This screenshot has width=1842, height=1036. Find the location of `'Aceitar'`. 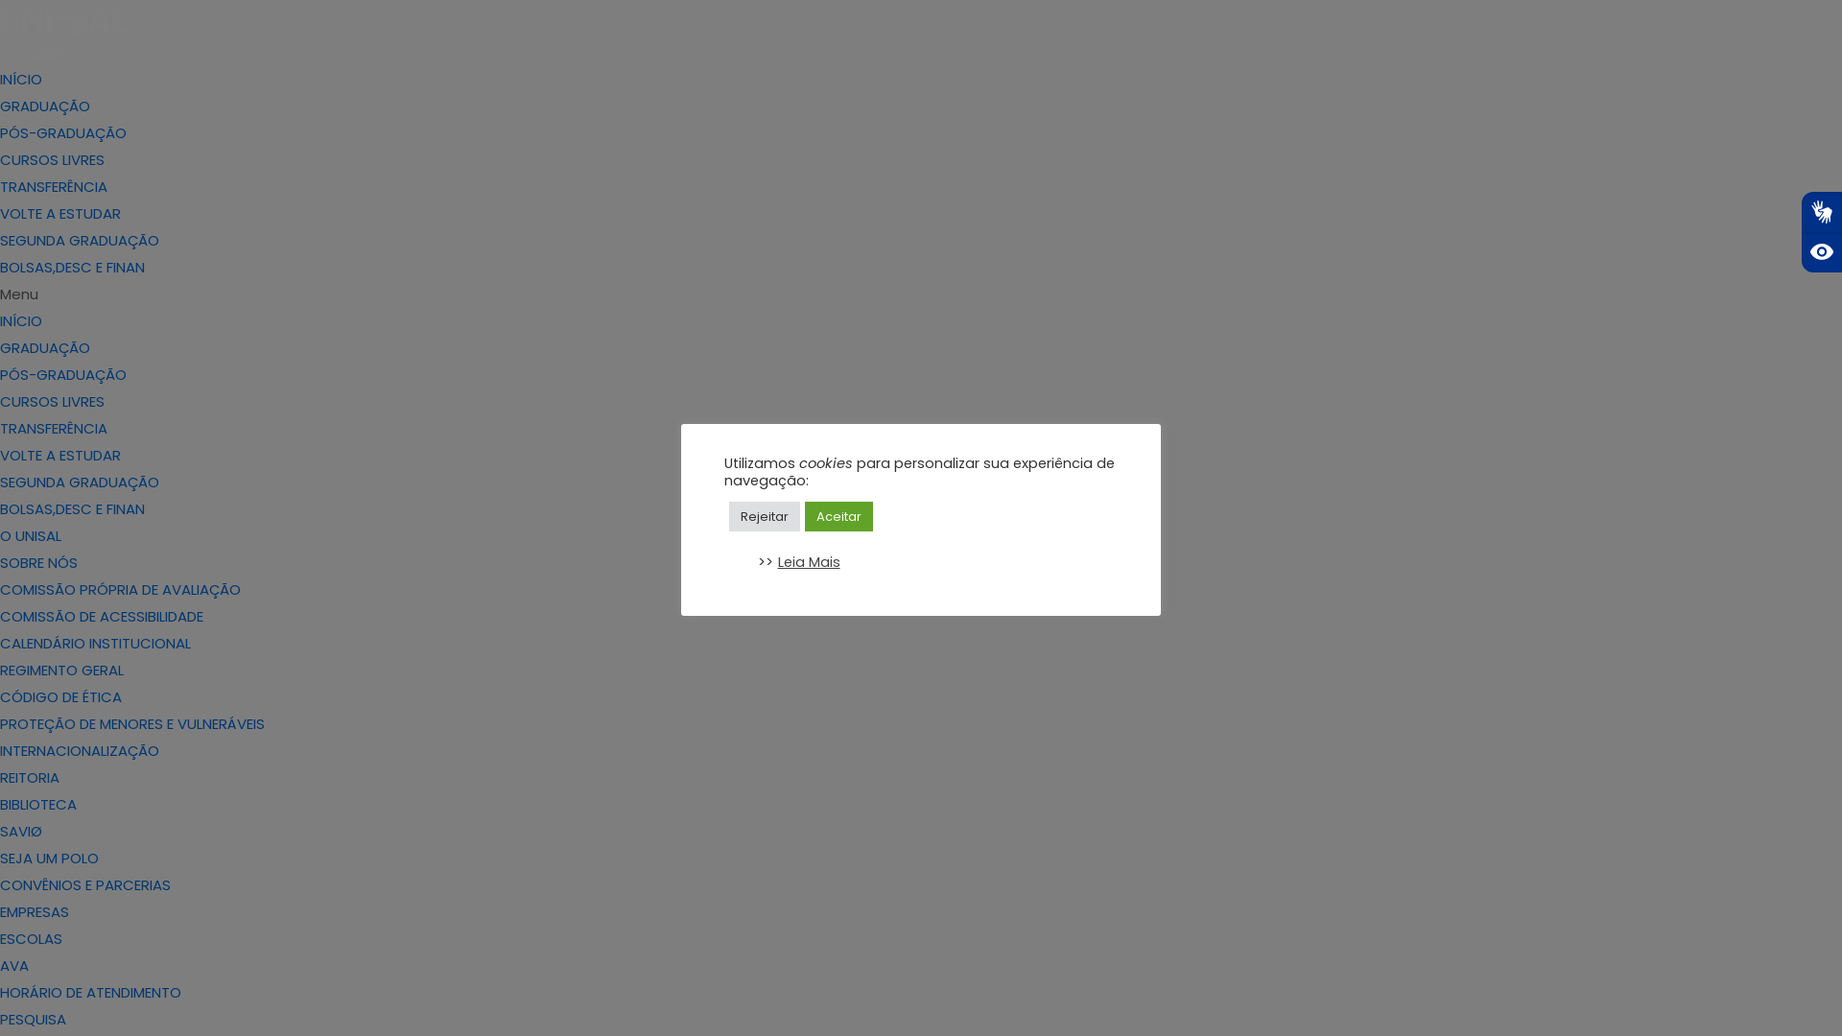

'Aceitar' is located at coordinates (838, 515).